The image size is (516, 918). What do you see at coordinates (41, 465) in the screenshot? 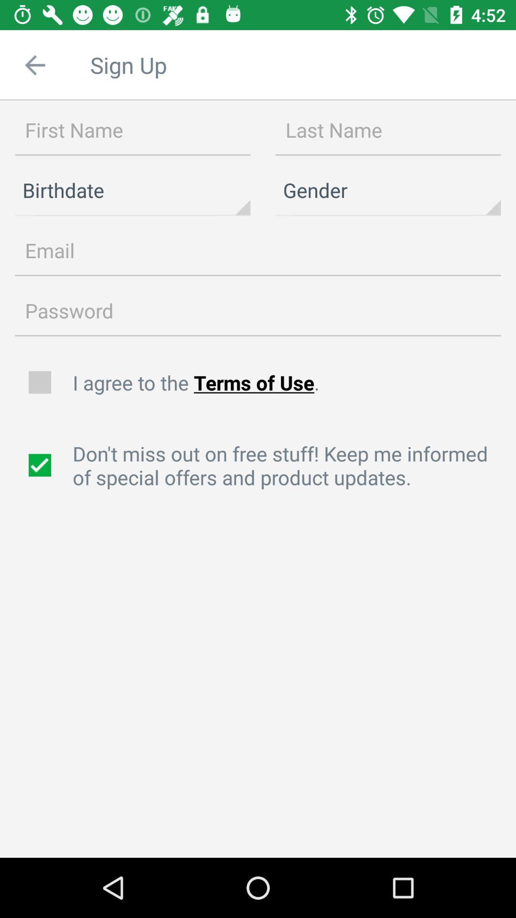
I see `click for further updates and offers` at bounding box center [41, 465].